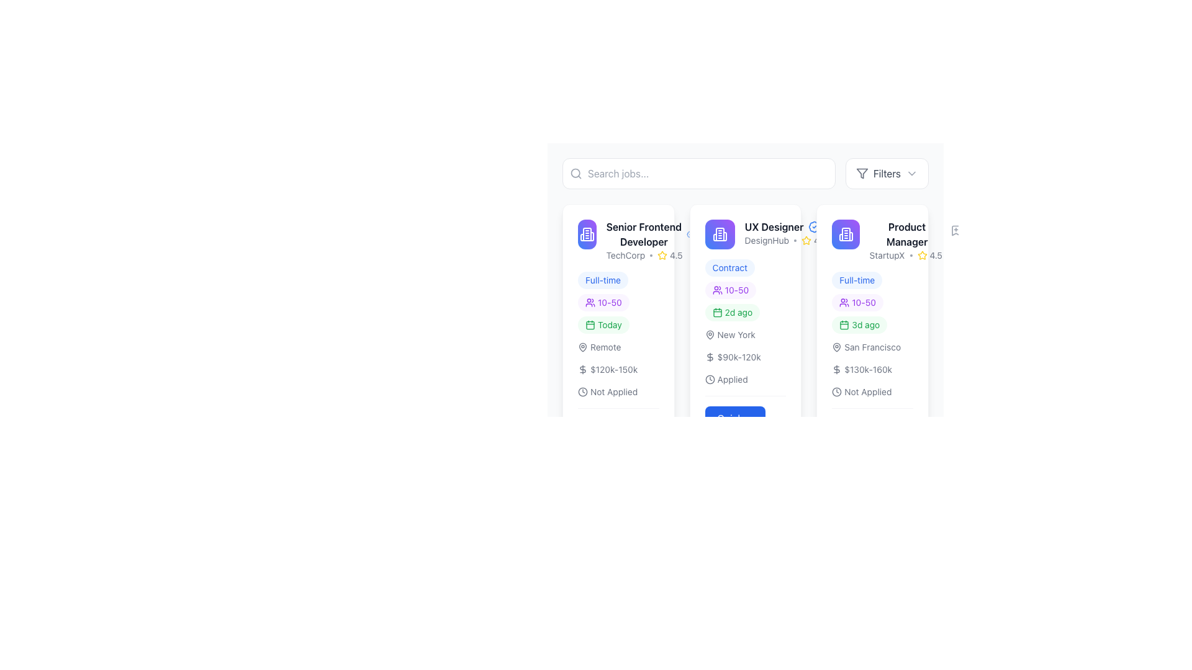 Image resolution: width=1192 pixels, height=670 pixels. Describe the element at coordinates (729, 267) in the screenshot. I see `the 'Contract' badge, which is a blue text badge with a light blue background, positioned at the top of the job listing card for a 'UX Designer' role` at that location.